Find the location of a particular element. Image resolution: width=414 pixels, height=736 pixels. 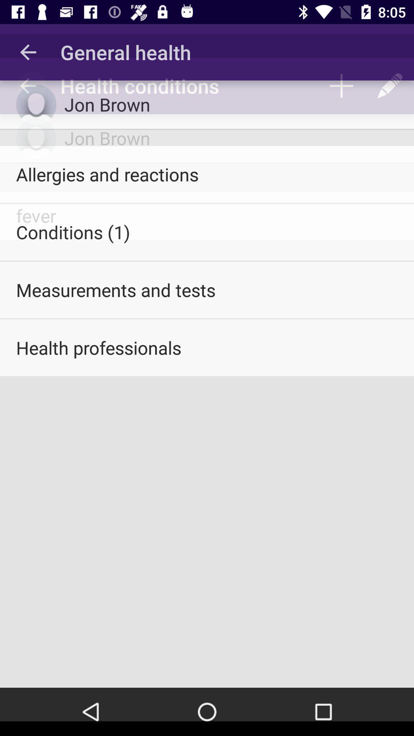

item above the measurements and tests item is located at coordinates (207, 232).